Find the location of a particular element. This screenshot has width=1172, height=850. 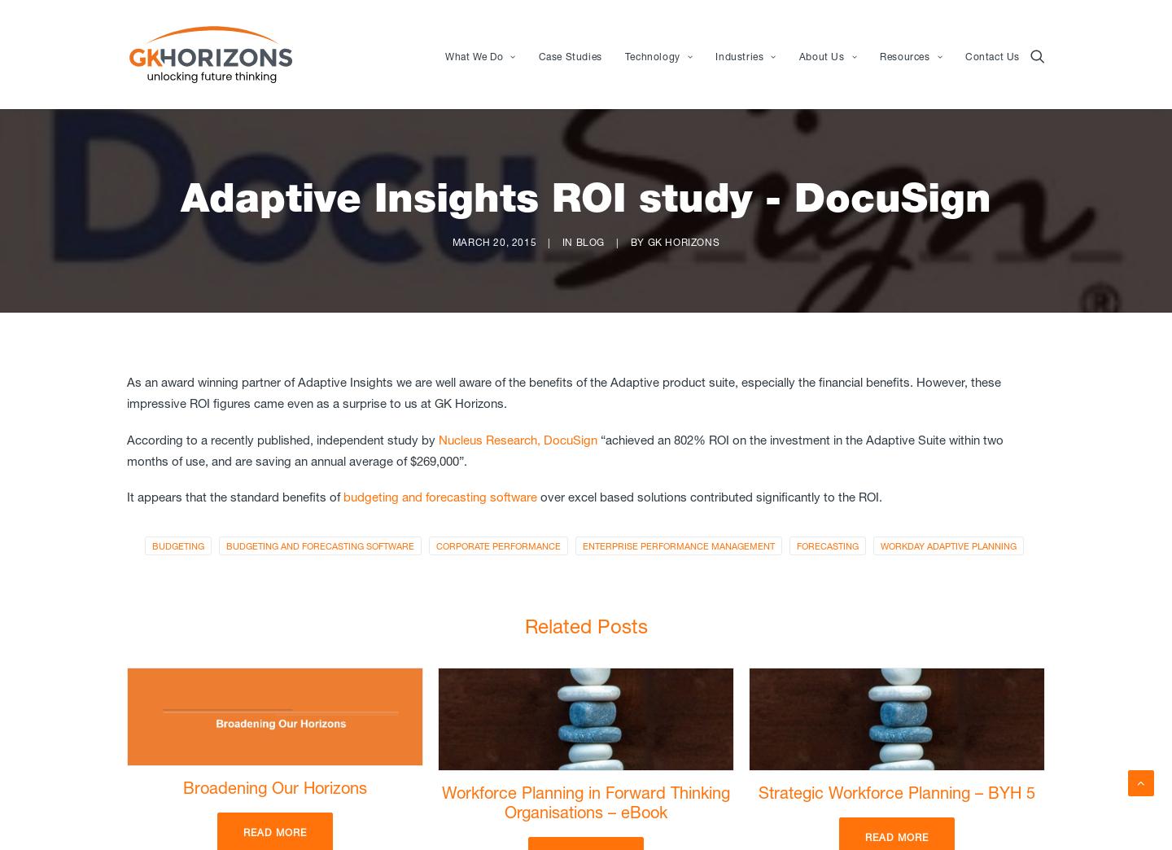

'Strategic Workforce Planning – BYH 5' is located at coordinates (896, 791).